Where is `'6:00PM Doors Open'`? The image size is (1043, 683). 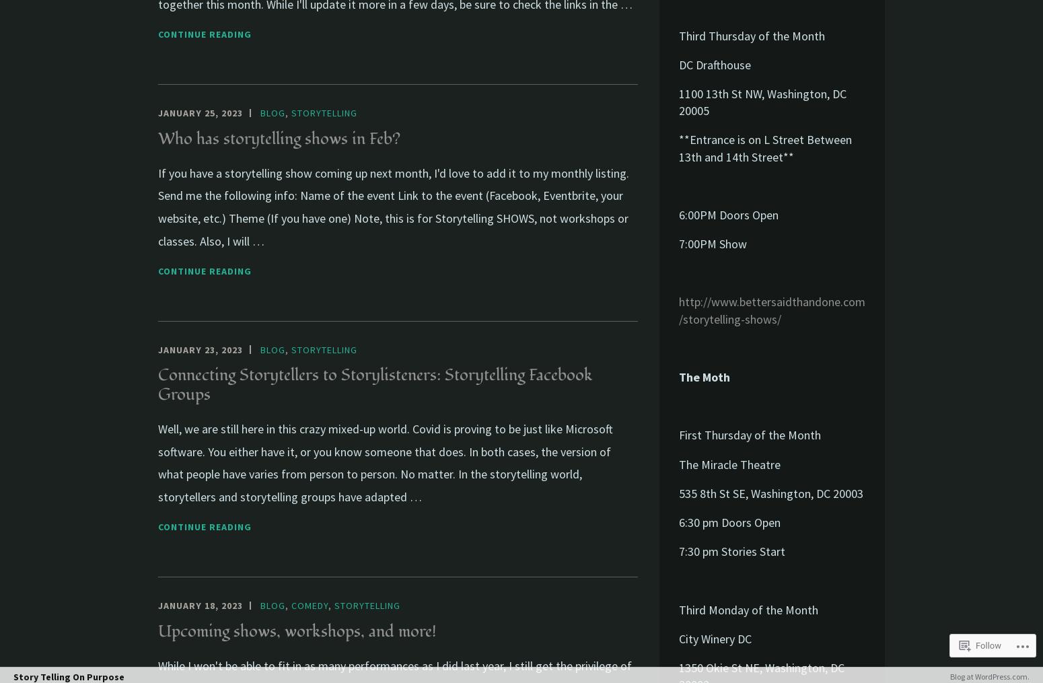
'6:00PM Doors Open' is located at coordinates (728, 213).